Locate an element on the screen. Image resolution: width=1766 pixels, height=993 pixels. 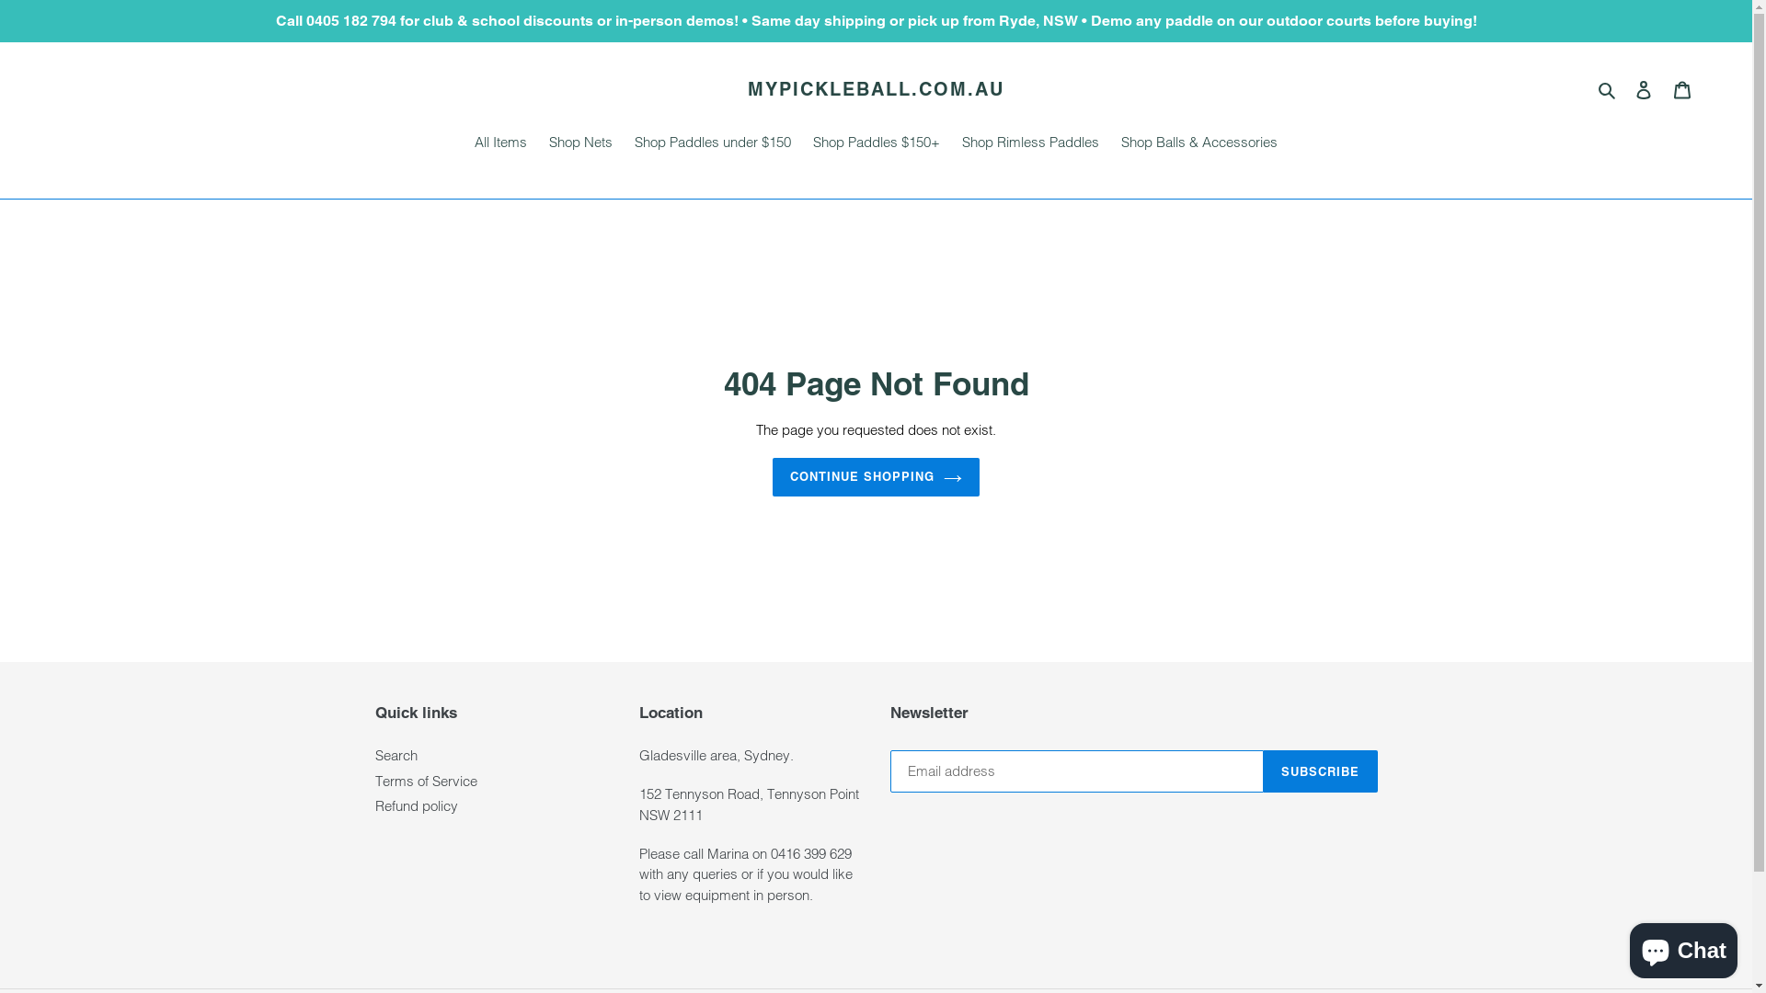
'Shop Nets' is located at coordinates (579, 143).